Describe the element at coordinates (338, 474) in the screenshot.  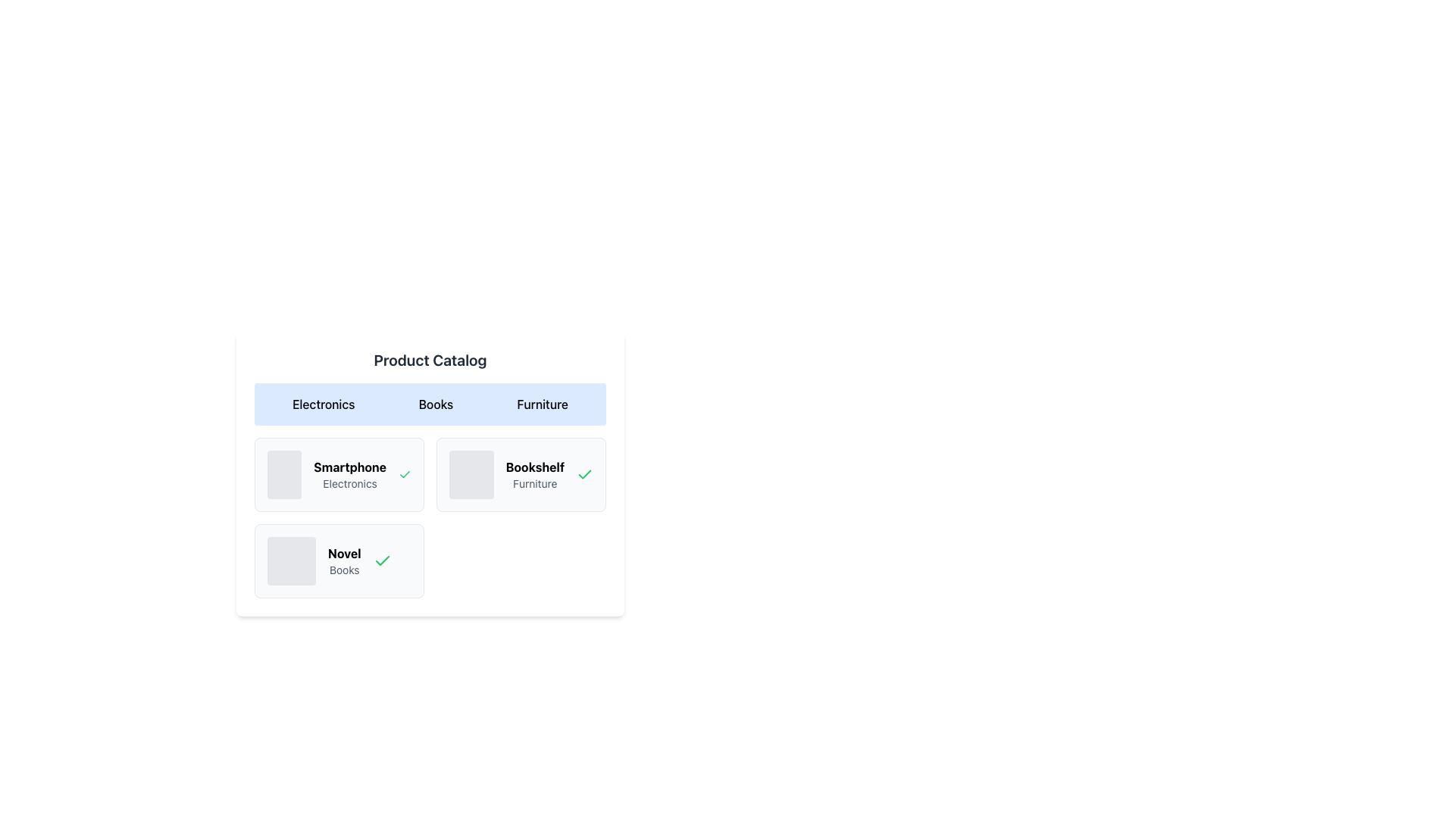
I see `the 'Smartphone' display card, which is the first card in the grid layout under the 'Electronics' section` at that location.